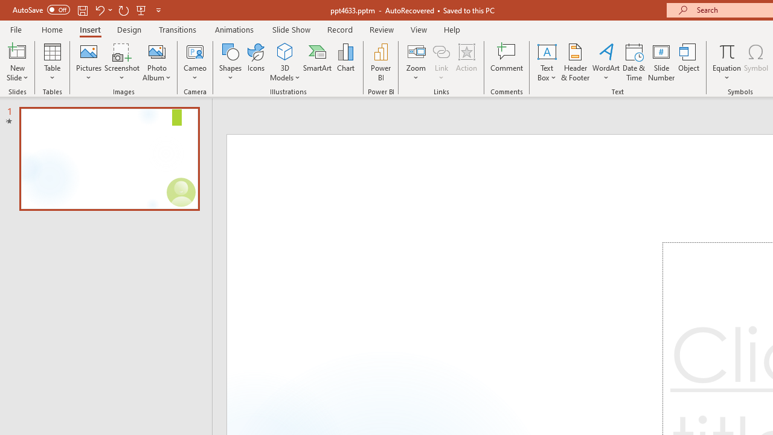 The image size is (773, 435). Describe the element at coordinates (284, 62) in the screenshot. I see `'3D Models'` at that location.